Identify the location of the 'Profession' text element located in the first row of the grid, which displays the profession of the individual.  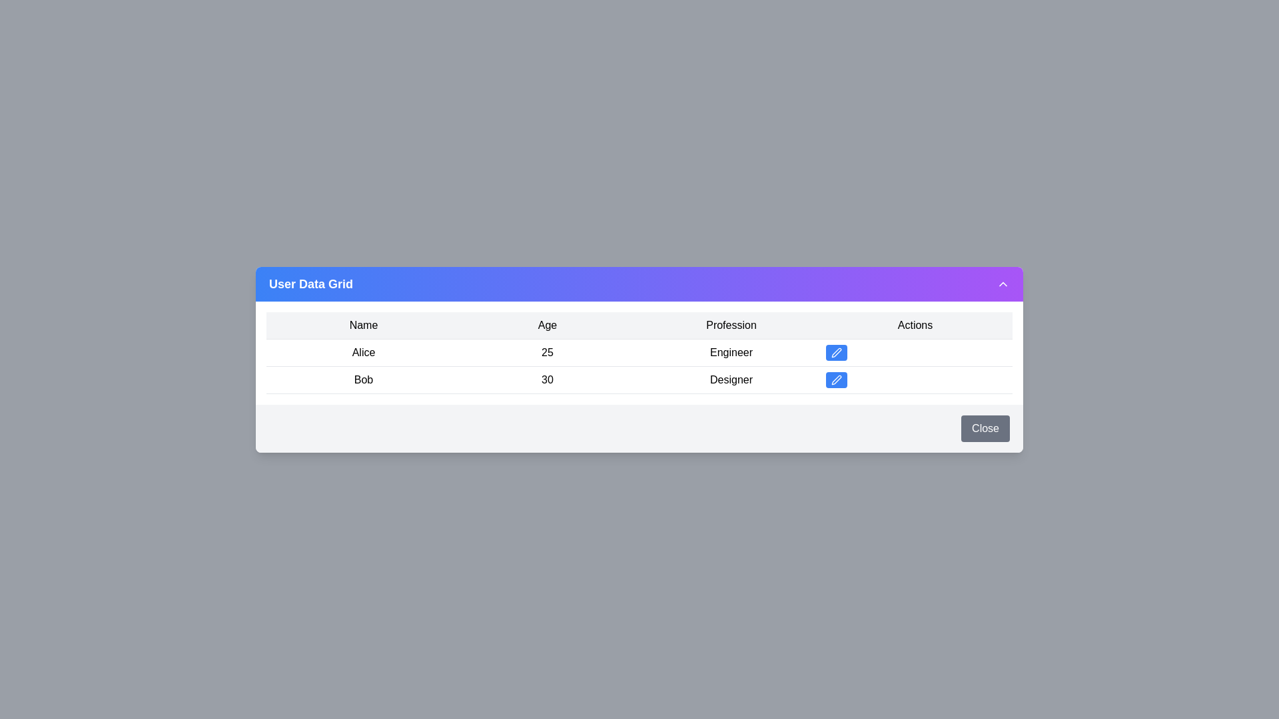
(731, 352).